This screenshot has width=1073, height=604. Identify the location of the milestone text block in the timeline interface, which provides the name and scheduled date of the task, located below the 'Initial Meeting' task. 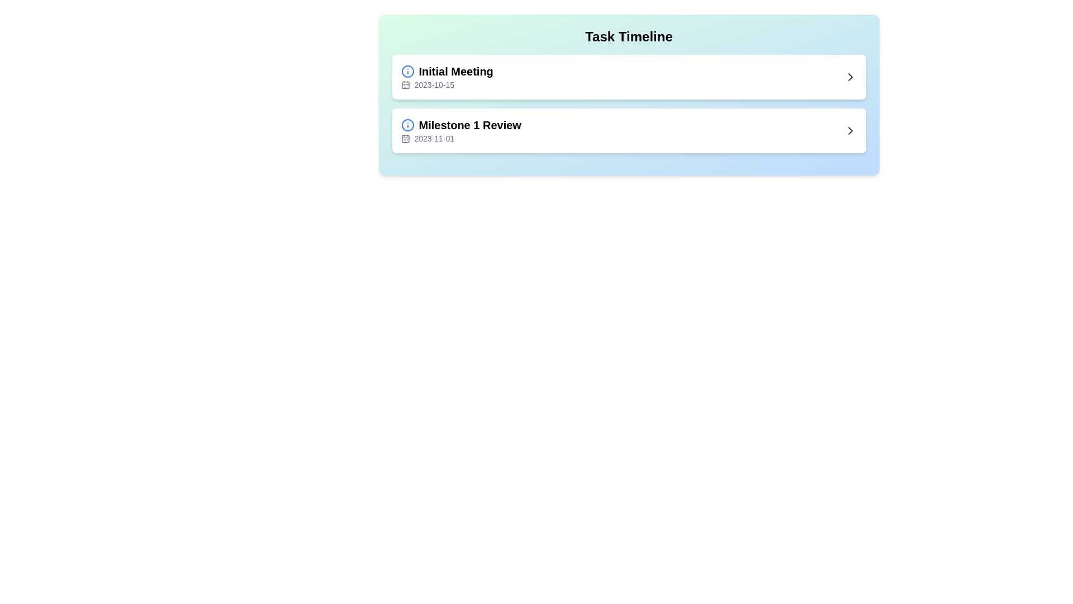
(461, 130).